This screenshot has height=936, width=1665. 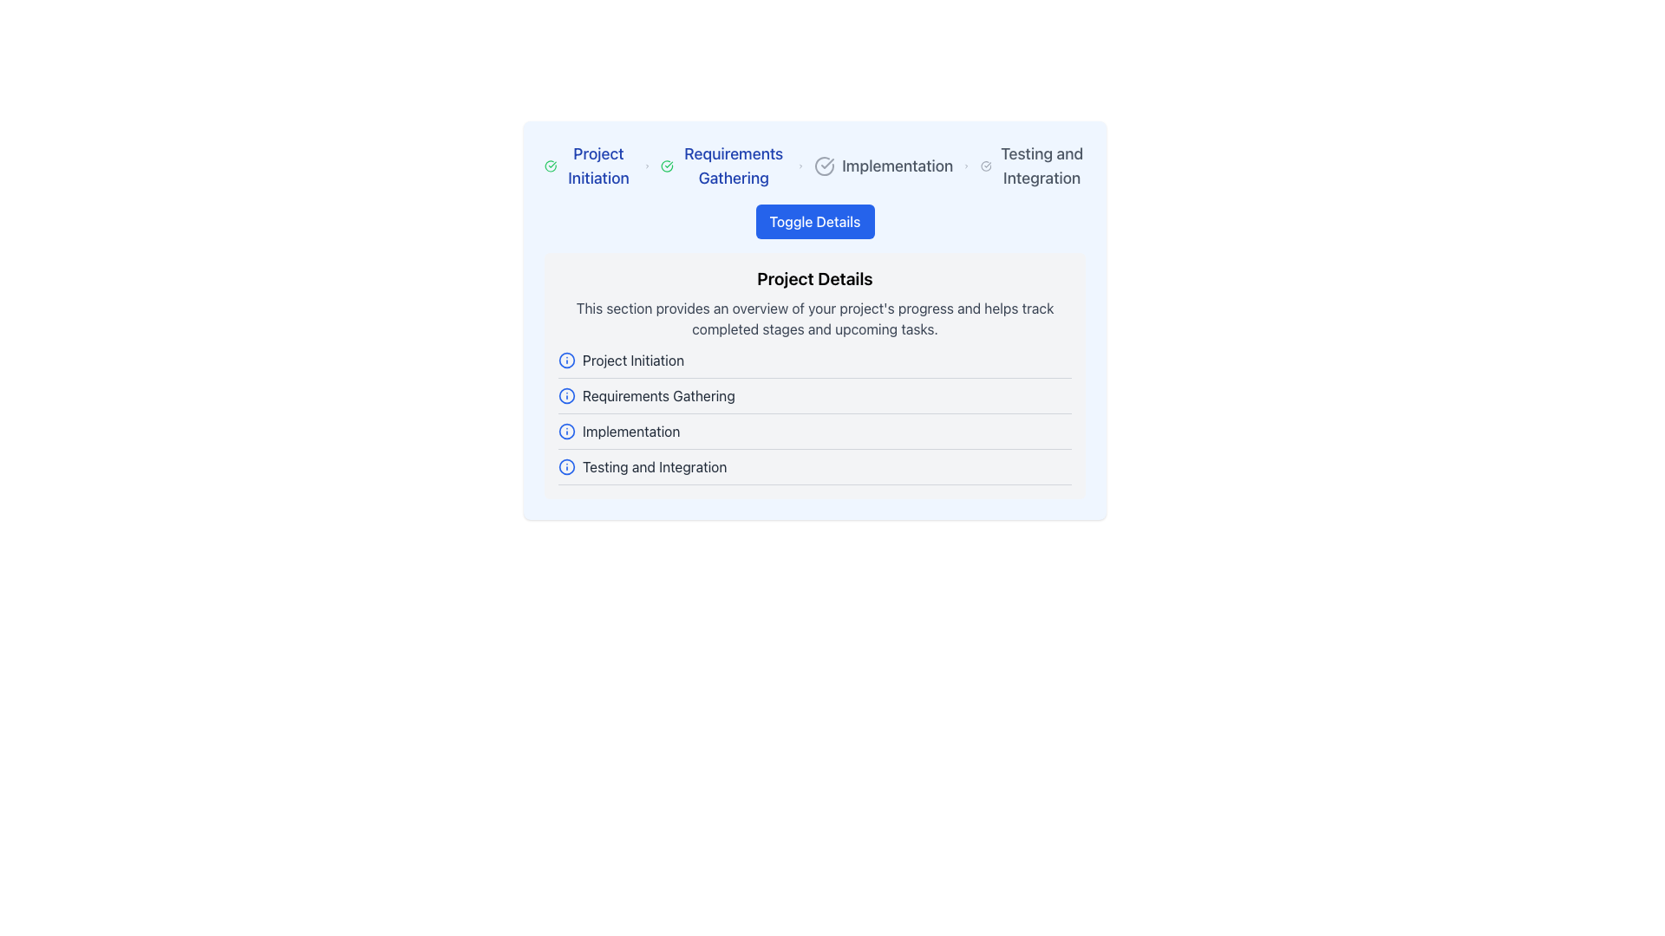 I want to click on static text label displaying 'Testing and Integration', which is a medium-sized bold gray font aligned with other labels in the interface, so click(x=1041, y=166).